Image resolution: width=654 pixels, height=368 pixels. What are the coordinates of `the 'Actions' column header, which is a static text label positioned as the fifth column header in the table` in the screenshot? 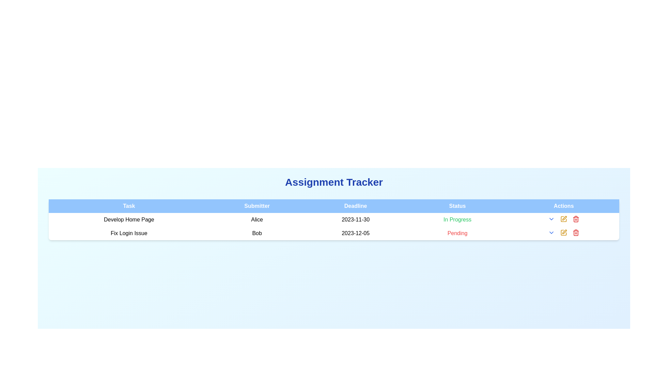 It's located at (564, 206).